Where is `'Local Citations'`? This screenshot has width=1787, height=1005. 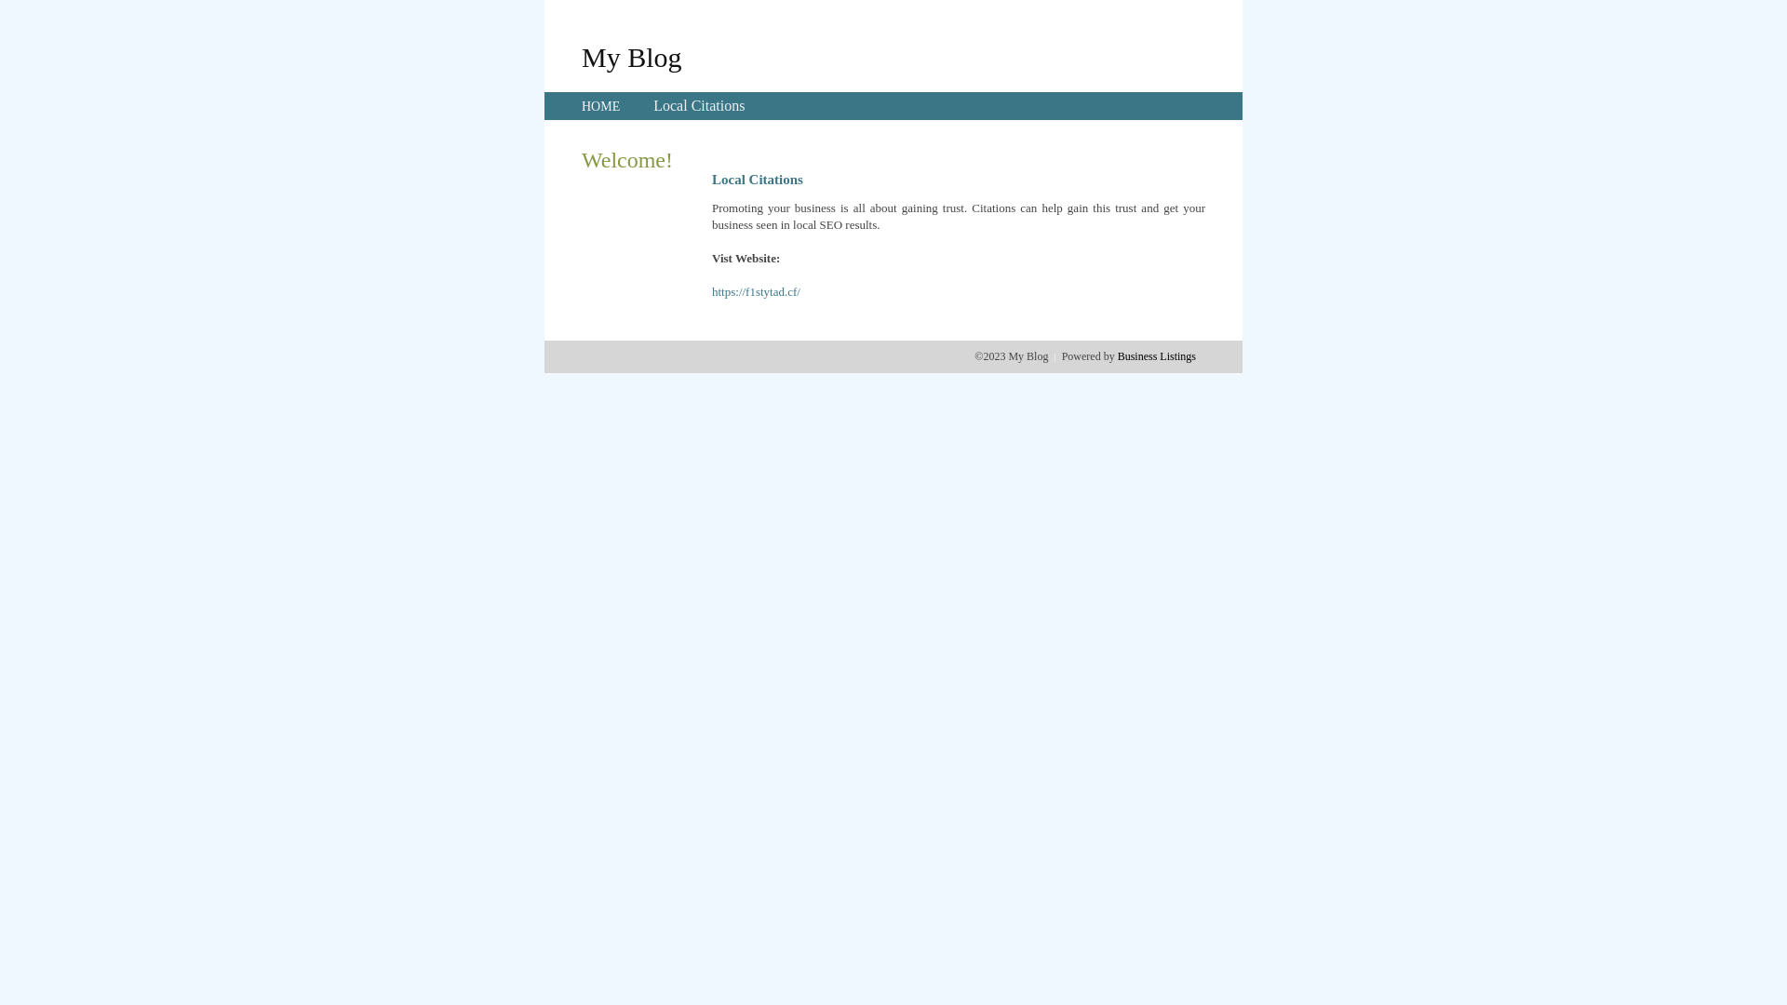 'Local Citations' is located at coordinates (697, 105).